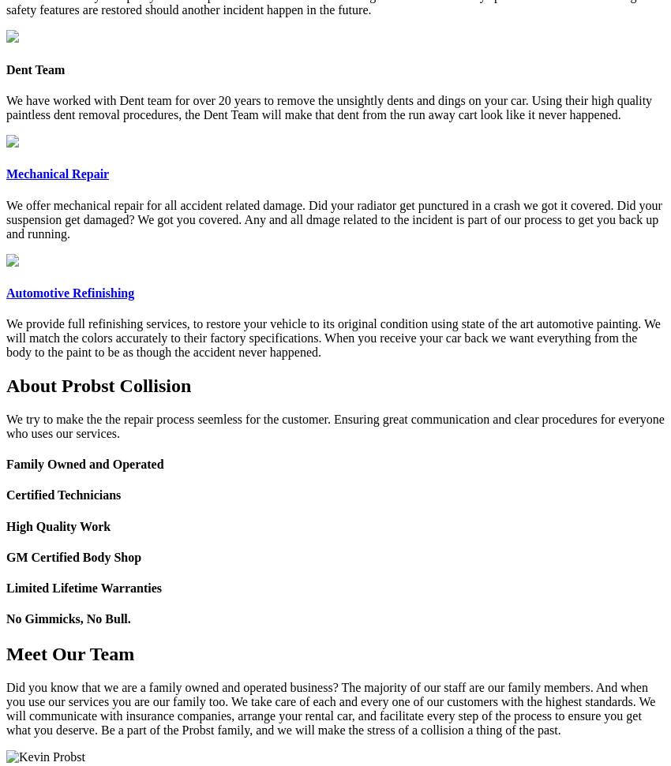  I want to click on 'Limited Lifetime Warranties', so click(83, 587).